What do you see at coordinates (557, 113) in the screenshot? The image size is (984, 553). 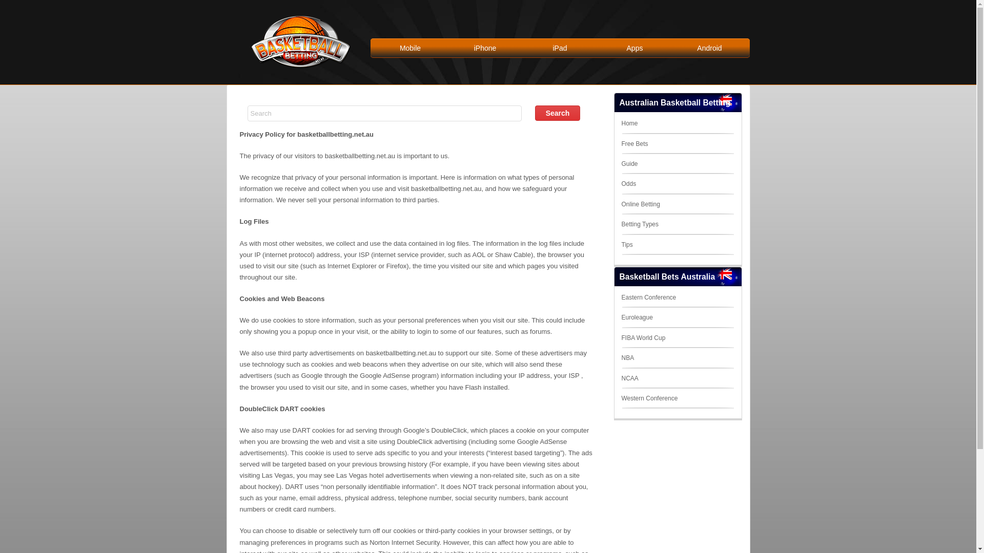 I see `'Search'` at bounding box center [557, 113].